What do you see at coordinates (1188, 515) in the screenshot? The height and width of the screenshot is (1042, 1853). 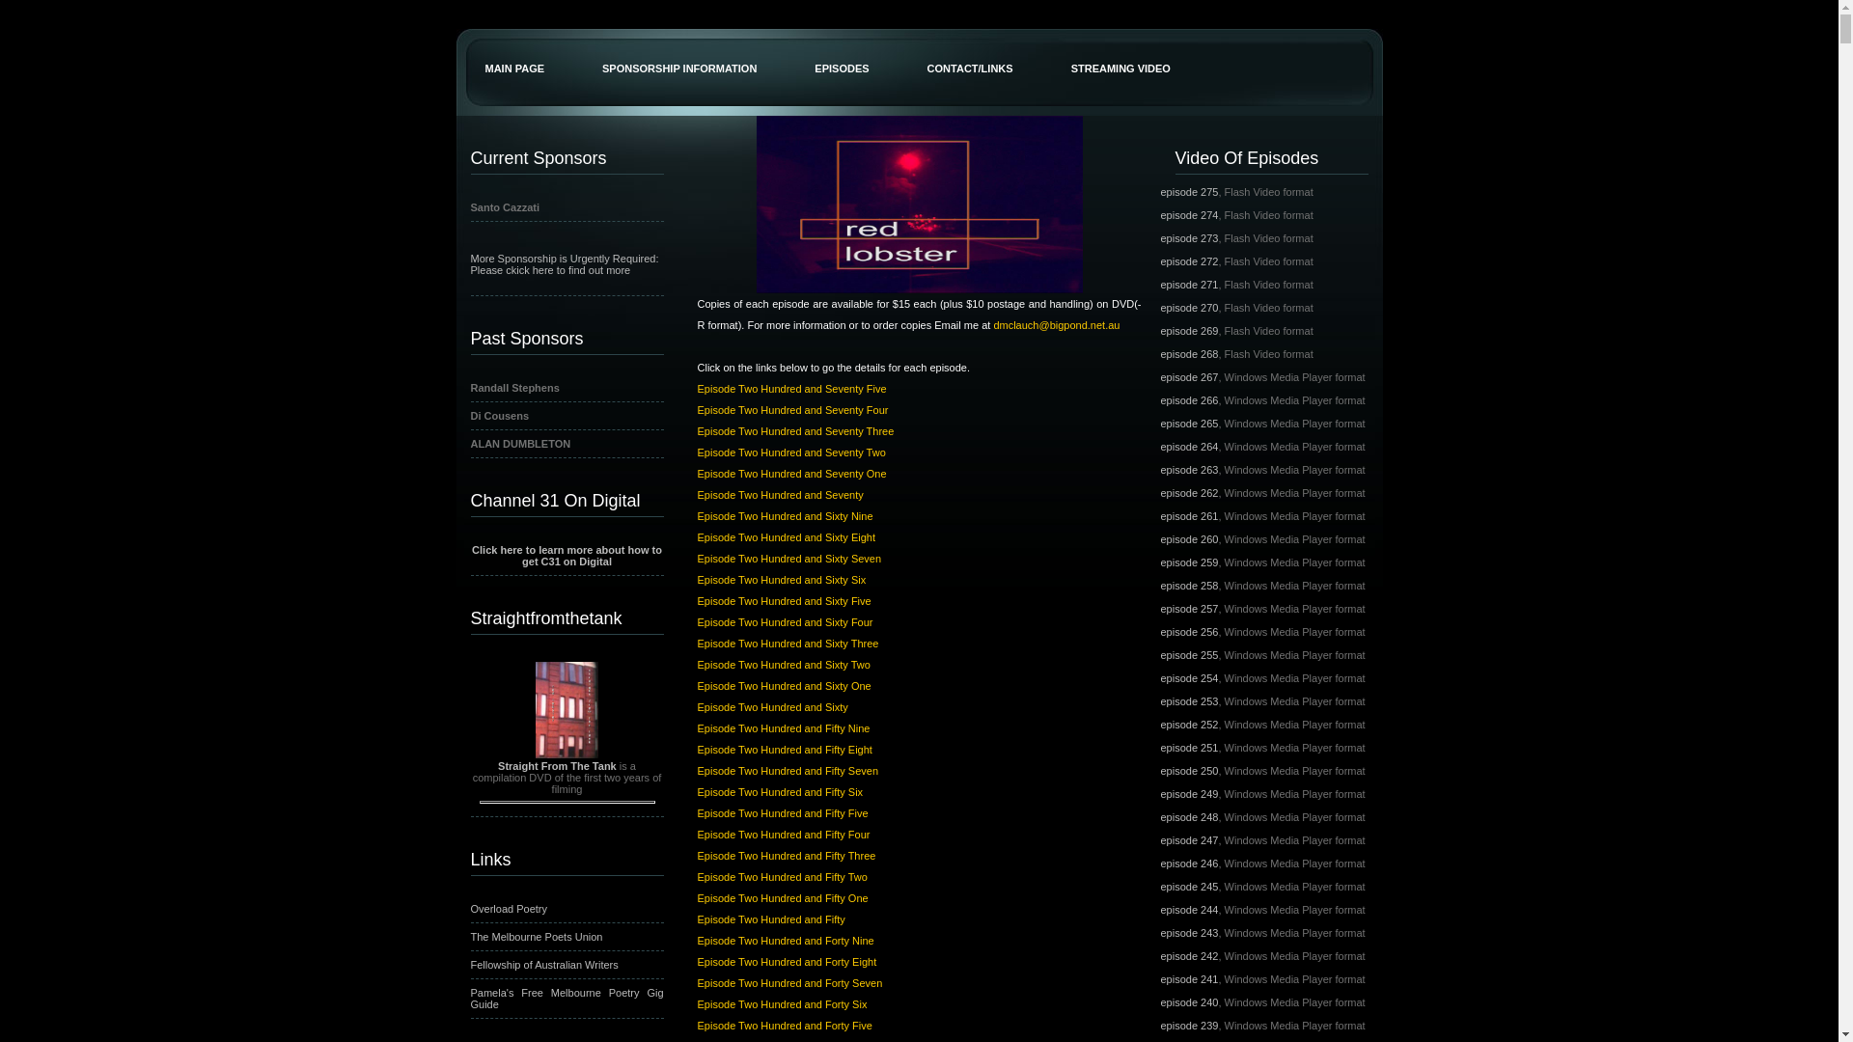 I see `'episode 261'` at bounding box center [1188, 515].